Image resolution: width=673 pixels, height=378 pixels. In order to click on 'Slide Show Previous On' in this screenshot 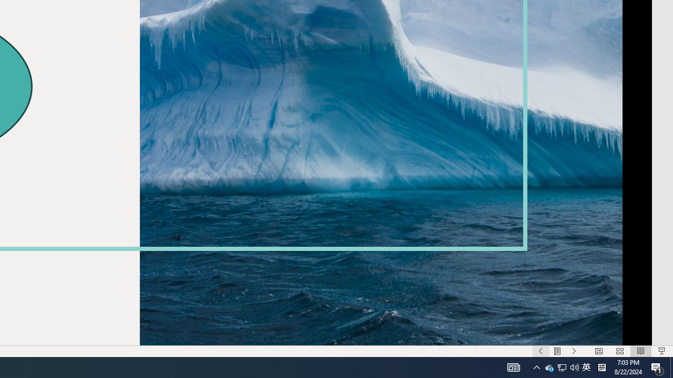, I will do `click(541, 351)`.